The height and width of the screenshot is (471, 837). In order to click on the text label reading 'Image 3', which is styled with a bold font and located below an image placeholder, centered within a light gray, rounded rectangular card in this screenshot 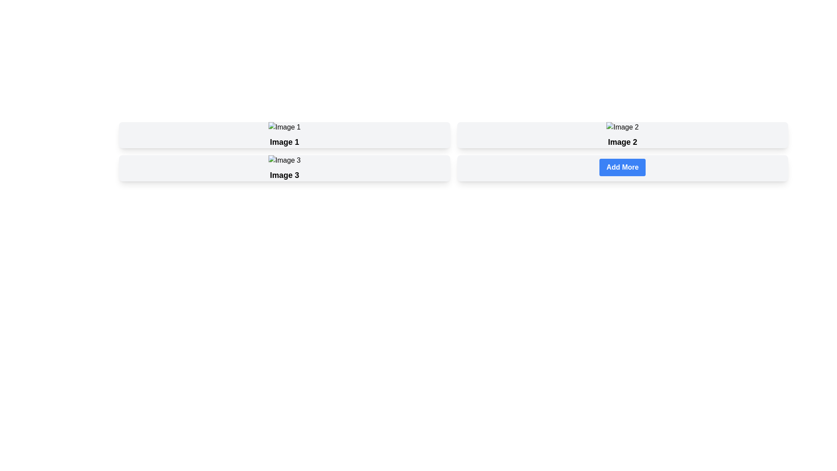, I will do `click(284, 175)`.